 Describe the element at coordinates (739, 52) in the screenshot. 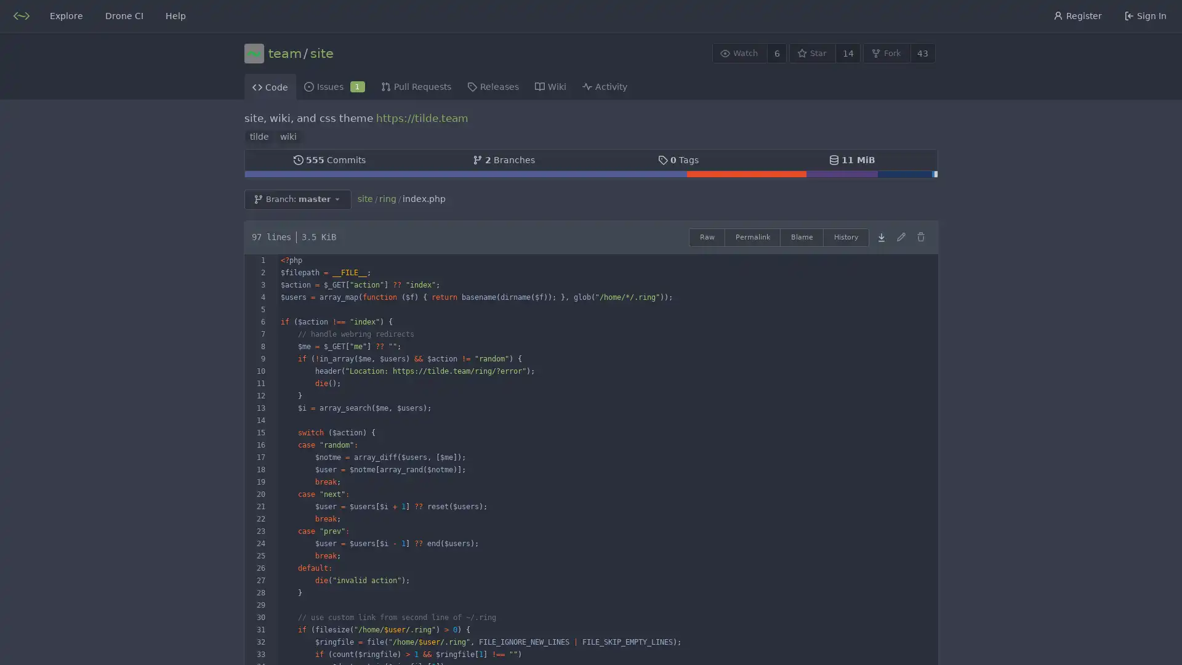

I see `Watch` at that location.